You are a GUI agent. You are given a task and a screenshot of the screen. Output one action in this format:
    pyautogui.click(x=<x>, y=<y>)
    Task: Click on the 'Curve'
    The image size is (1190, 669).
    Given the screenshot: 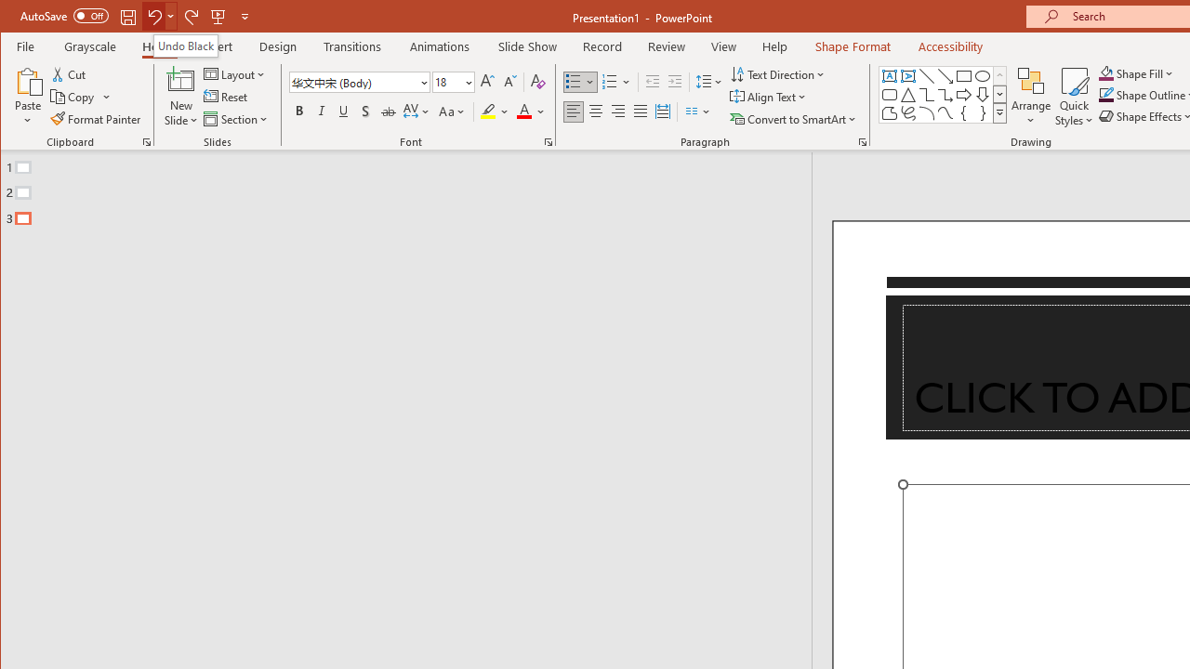 What is the action you would take?
    pyautogui.click(x=945, y=113)
    